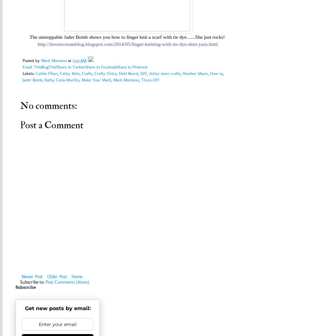  Describe the element at coordinates (128, 44) in the screenshot. I see `'http://ilovetocreateblog.blogspot.com/2014/05/finger-knitting-with-tie-dye-shirt-yarn.html'` at that location.